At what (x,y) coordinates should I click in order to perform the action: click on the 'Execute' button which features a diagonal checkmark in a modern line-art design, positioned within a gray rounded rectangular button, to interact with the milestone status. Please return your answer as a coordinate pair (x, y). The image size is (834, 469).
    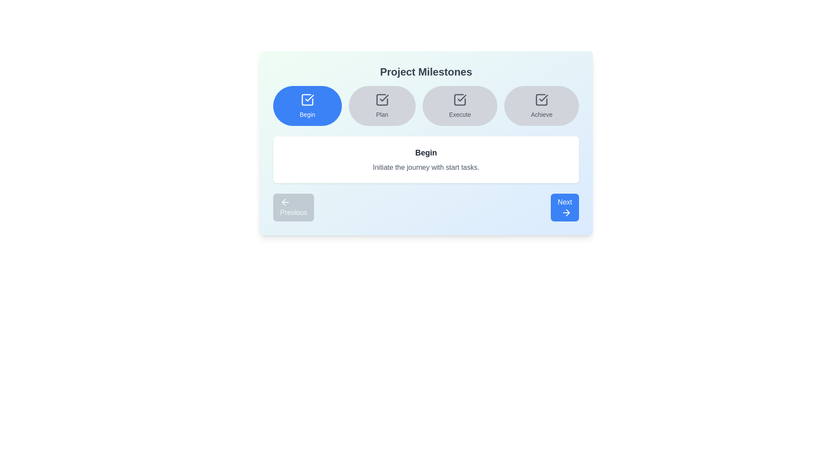
    Looking at the image, I should click on (461, 98).